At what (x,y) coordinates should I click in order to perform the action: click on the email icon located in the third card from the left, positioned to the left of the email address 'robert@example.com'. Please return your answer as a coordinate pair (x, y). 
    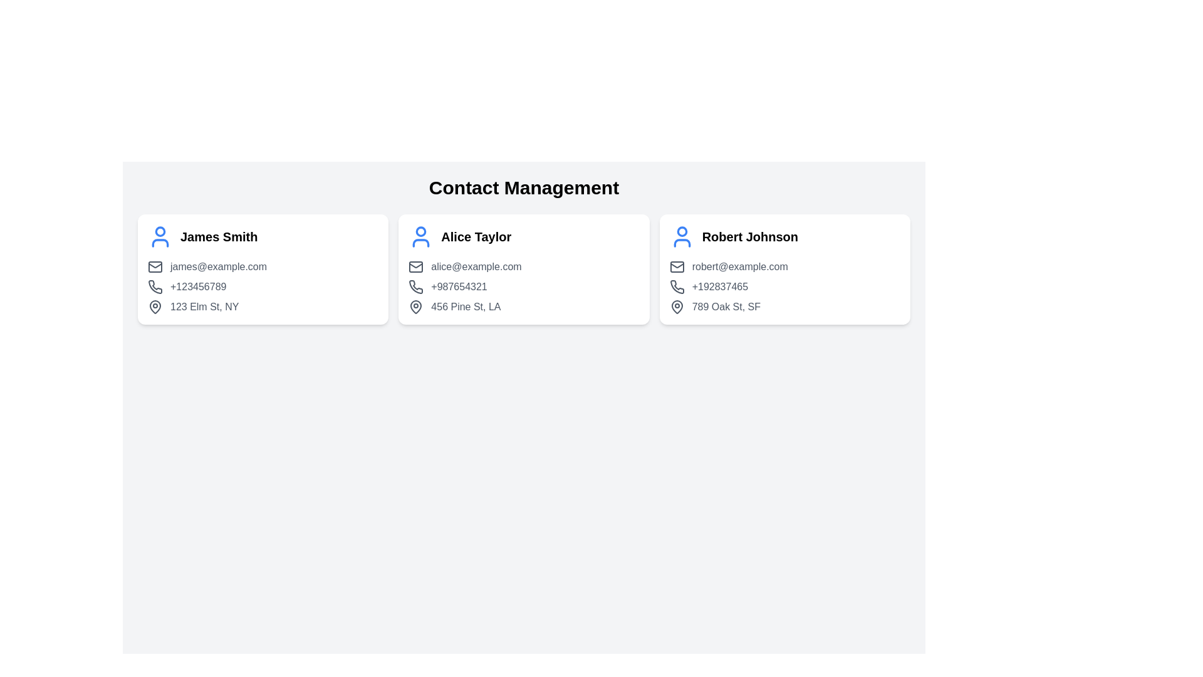
    Looking at the image, I should click on (676, 266).